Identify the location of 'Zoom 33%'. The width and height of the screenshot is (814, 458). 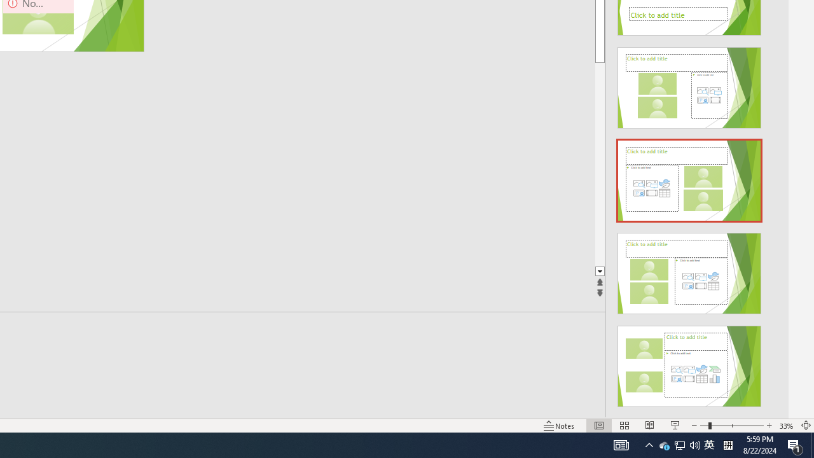
(786, 426).